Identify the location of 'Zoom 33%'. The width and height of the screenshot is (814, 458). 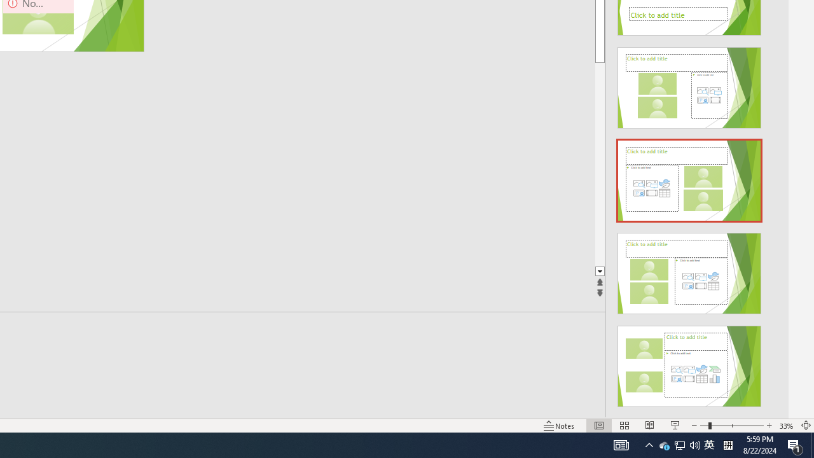
(786, 426).